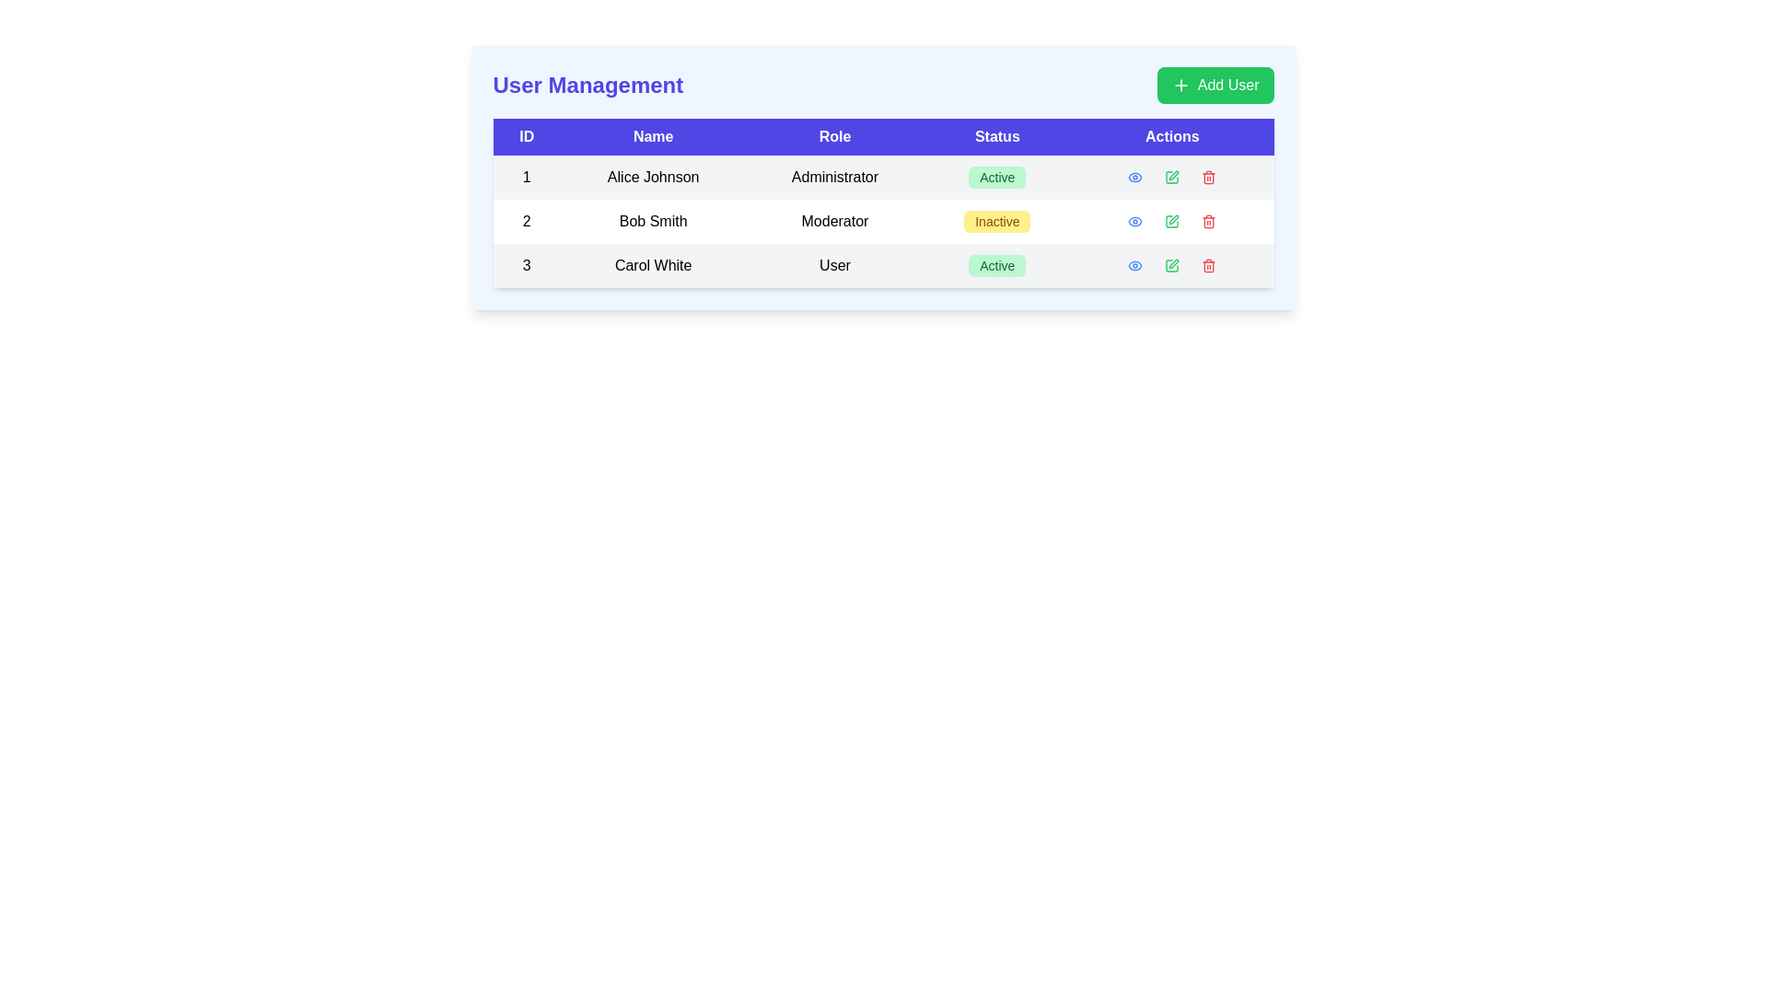 Image resolution: width=1768 pixels, height=994 pixels. I want to click on the red-colored trash can icon in the 'Actions' column, so click(1209, 266).